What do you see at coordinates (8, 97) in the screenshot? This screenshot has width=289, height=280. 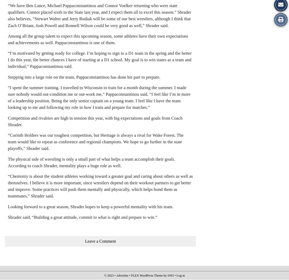 I see `'“I spent the summer training. I travelled to Wisconsin to train for a month during the summer. I made sure nobody would out-condition me or out-work me,” Pappaconstantinou said. “I feel like I’m in more of a leadership position. Being the only senior captain on a young team. I feel like I have the team looking up to me and following my role in how I train and prepare for matches.”'` at bounding box center [8, 97].